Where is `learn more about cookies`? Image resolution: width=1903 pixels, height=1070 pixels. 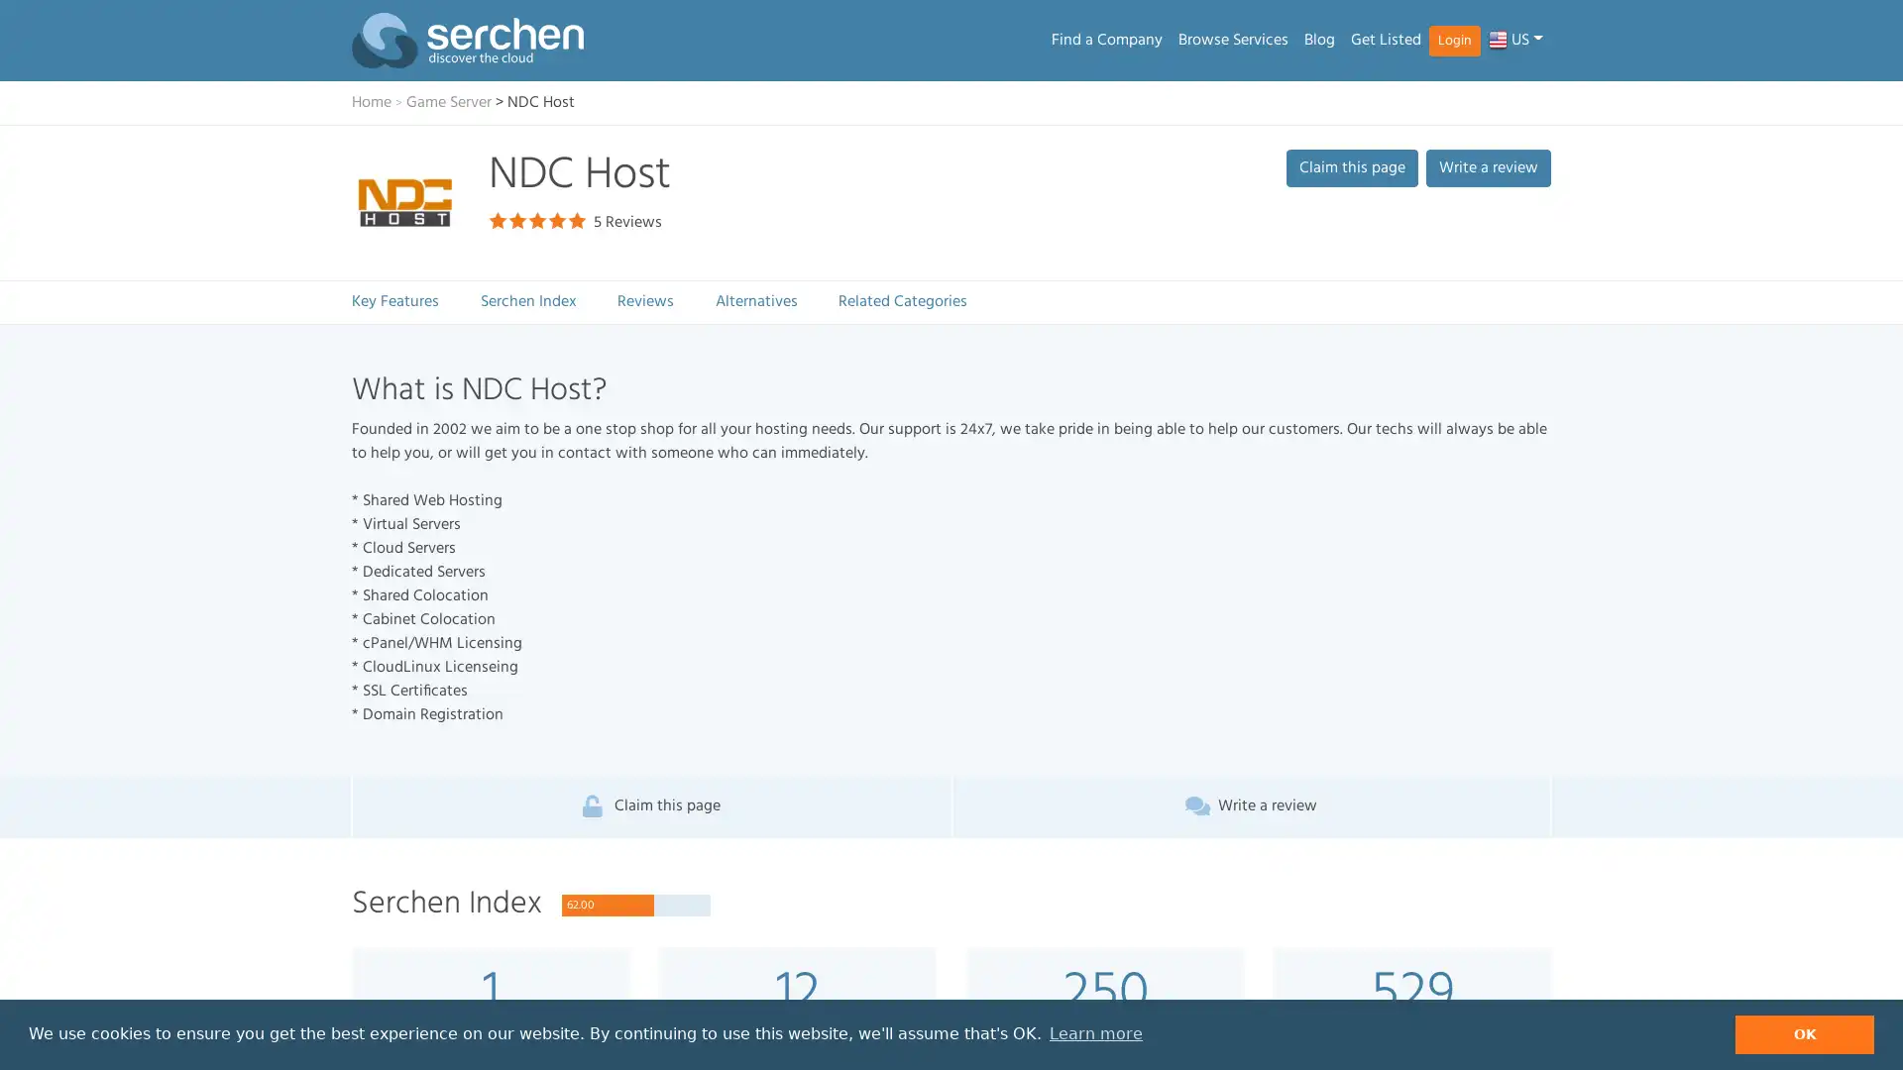 learn more about cookies is located at coordinates (1094, 1033).